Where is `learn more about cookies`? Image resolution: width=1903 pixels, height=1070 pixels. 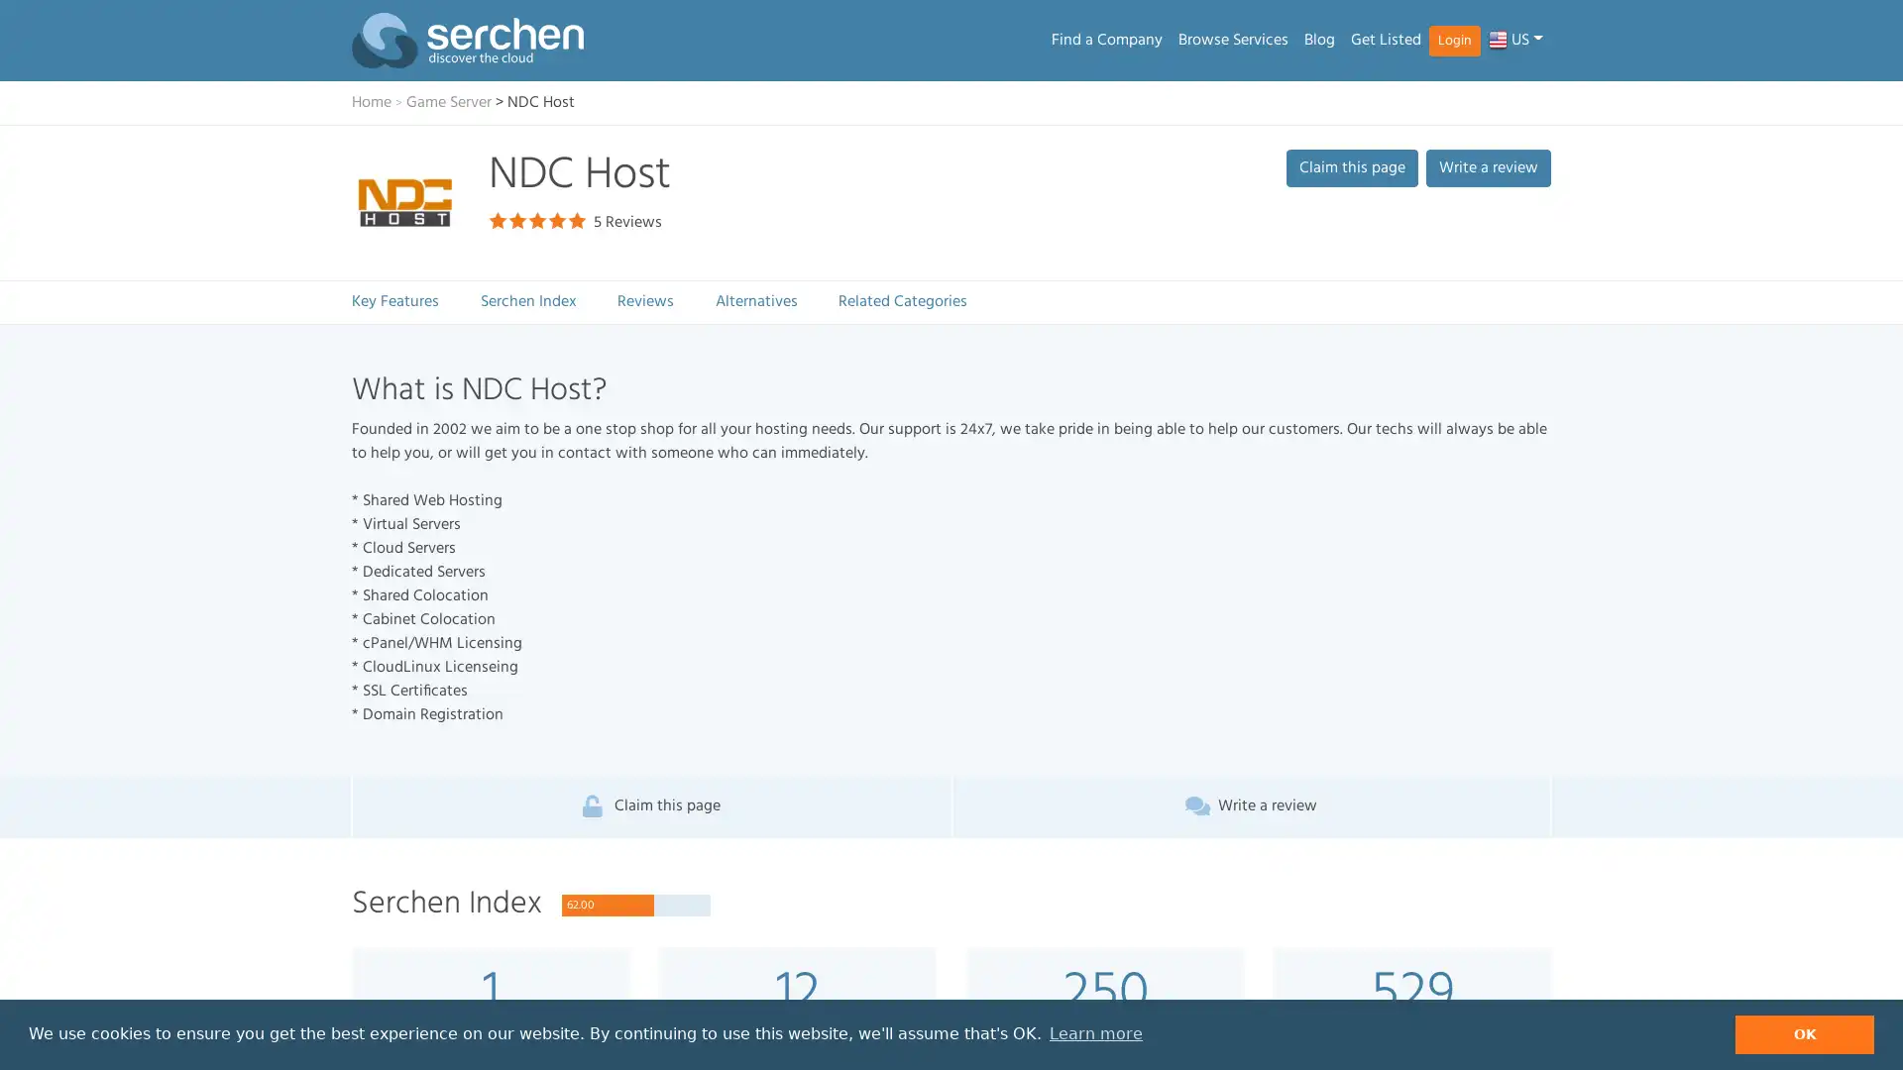 learn more about cookies is located at coordinates (1094, 1033).